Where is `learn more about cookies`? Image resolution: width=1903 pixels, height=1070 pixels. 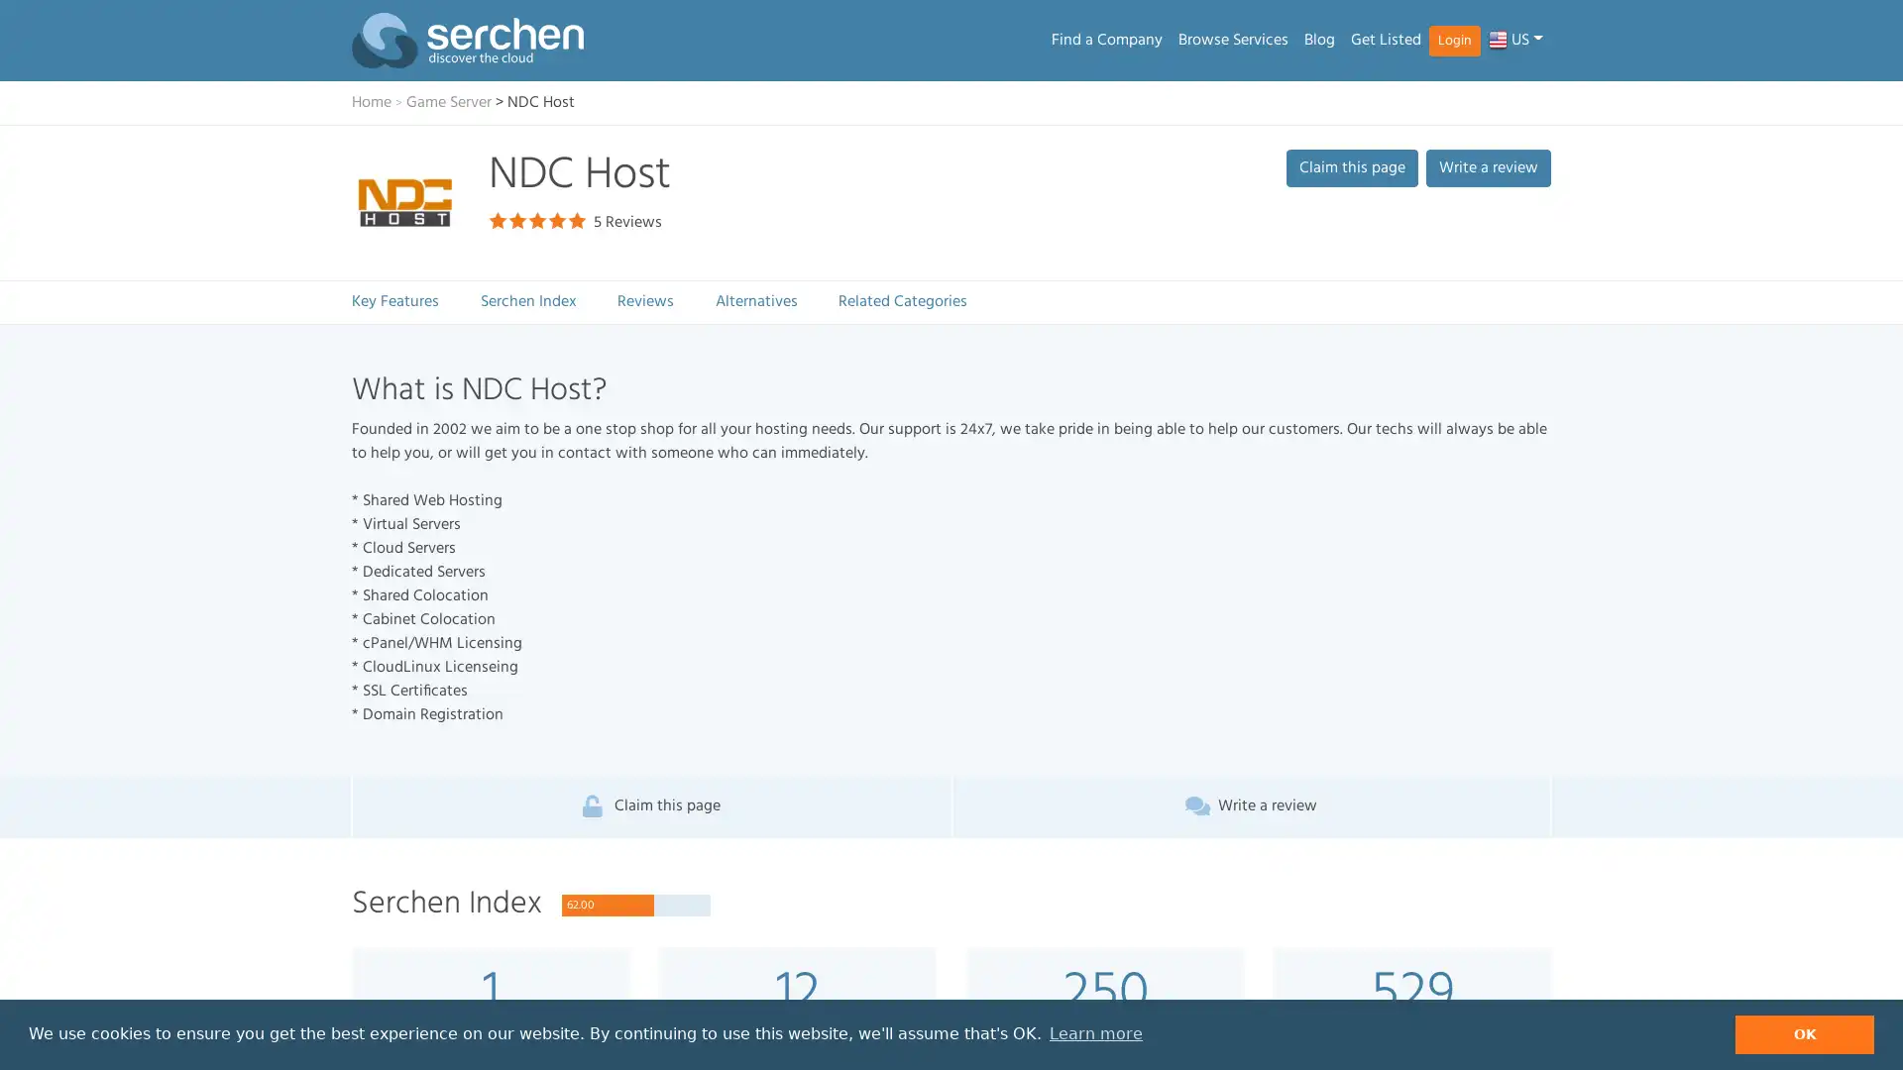 learn more about cookies is located at coordinates (1094, 1033).